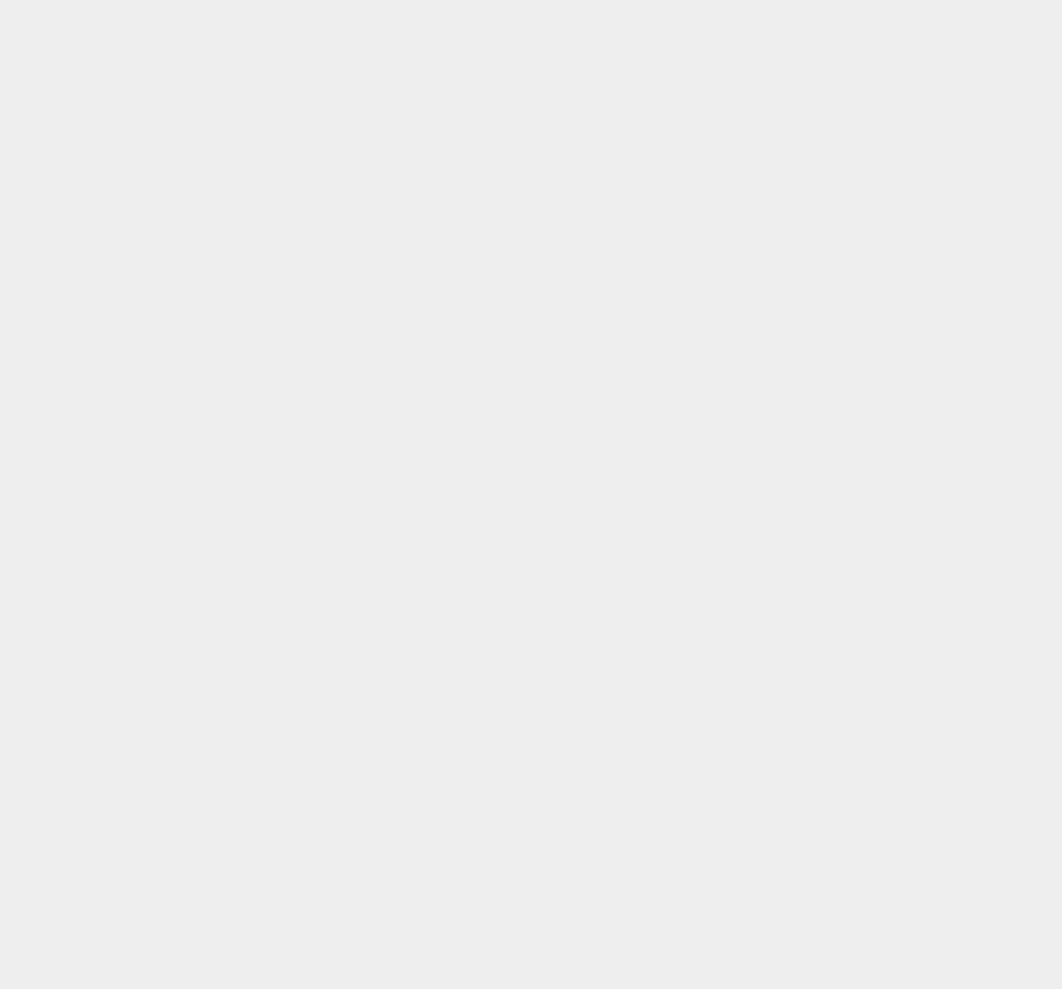 This screenshot has width=1062, height=989. What do you see at coordinates (775, 260) in the screenshot?
I see `'Vlogging'` at bounding box center [775, 260].